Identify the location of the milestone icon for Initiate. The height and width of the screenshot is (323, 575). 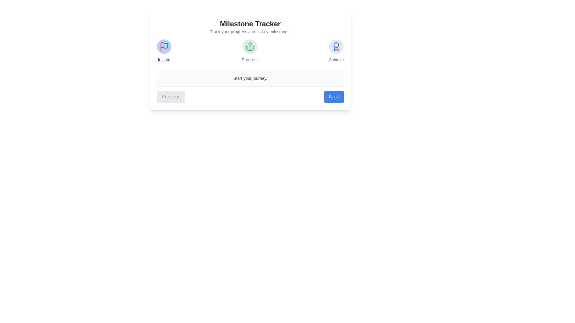
(164, 46).